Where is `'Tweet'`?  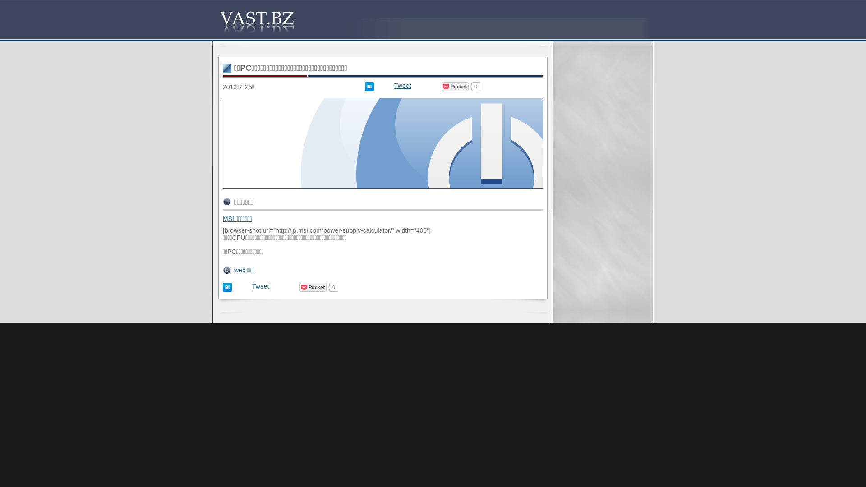 'Tweet' is located at coordinates (394, 85).